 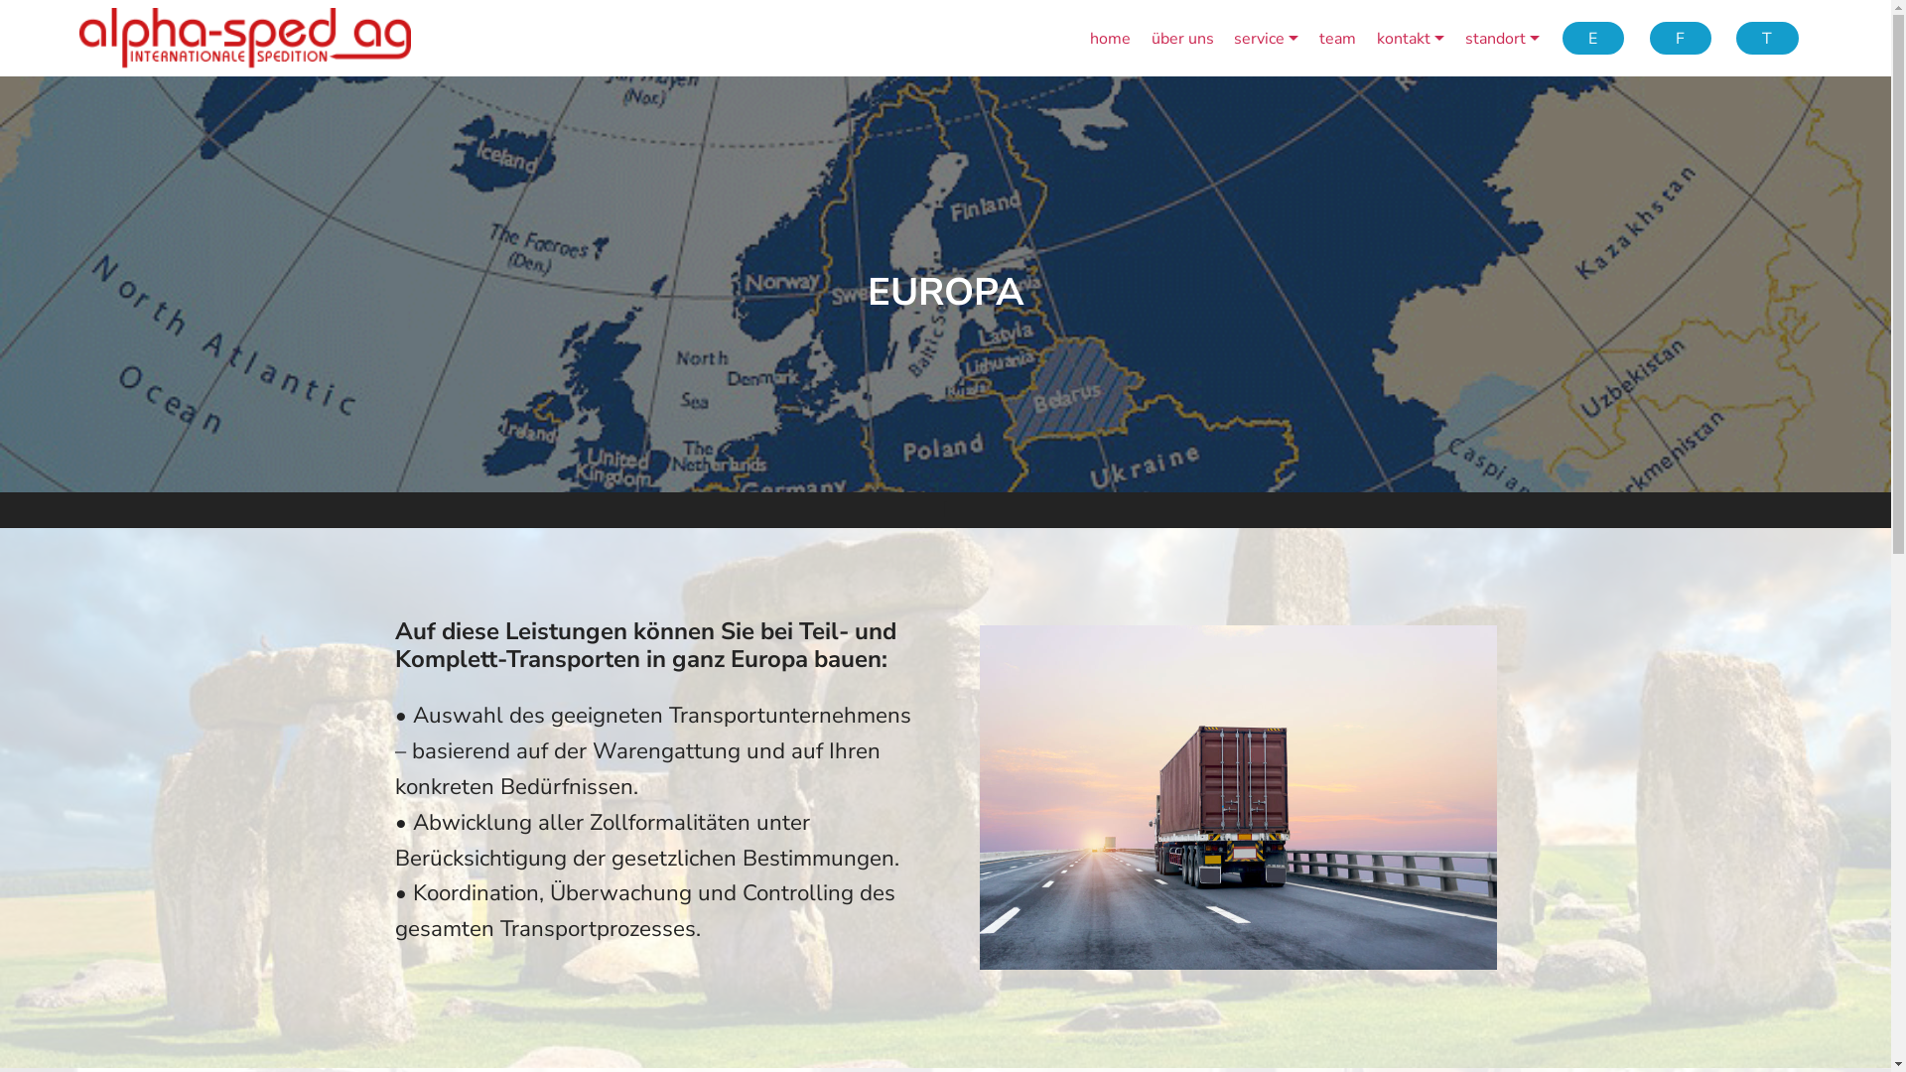 What do you see at coordinates (1592, 38) in the screenshot?
I see `'E'` at bounding box center [1592, 38].